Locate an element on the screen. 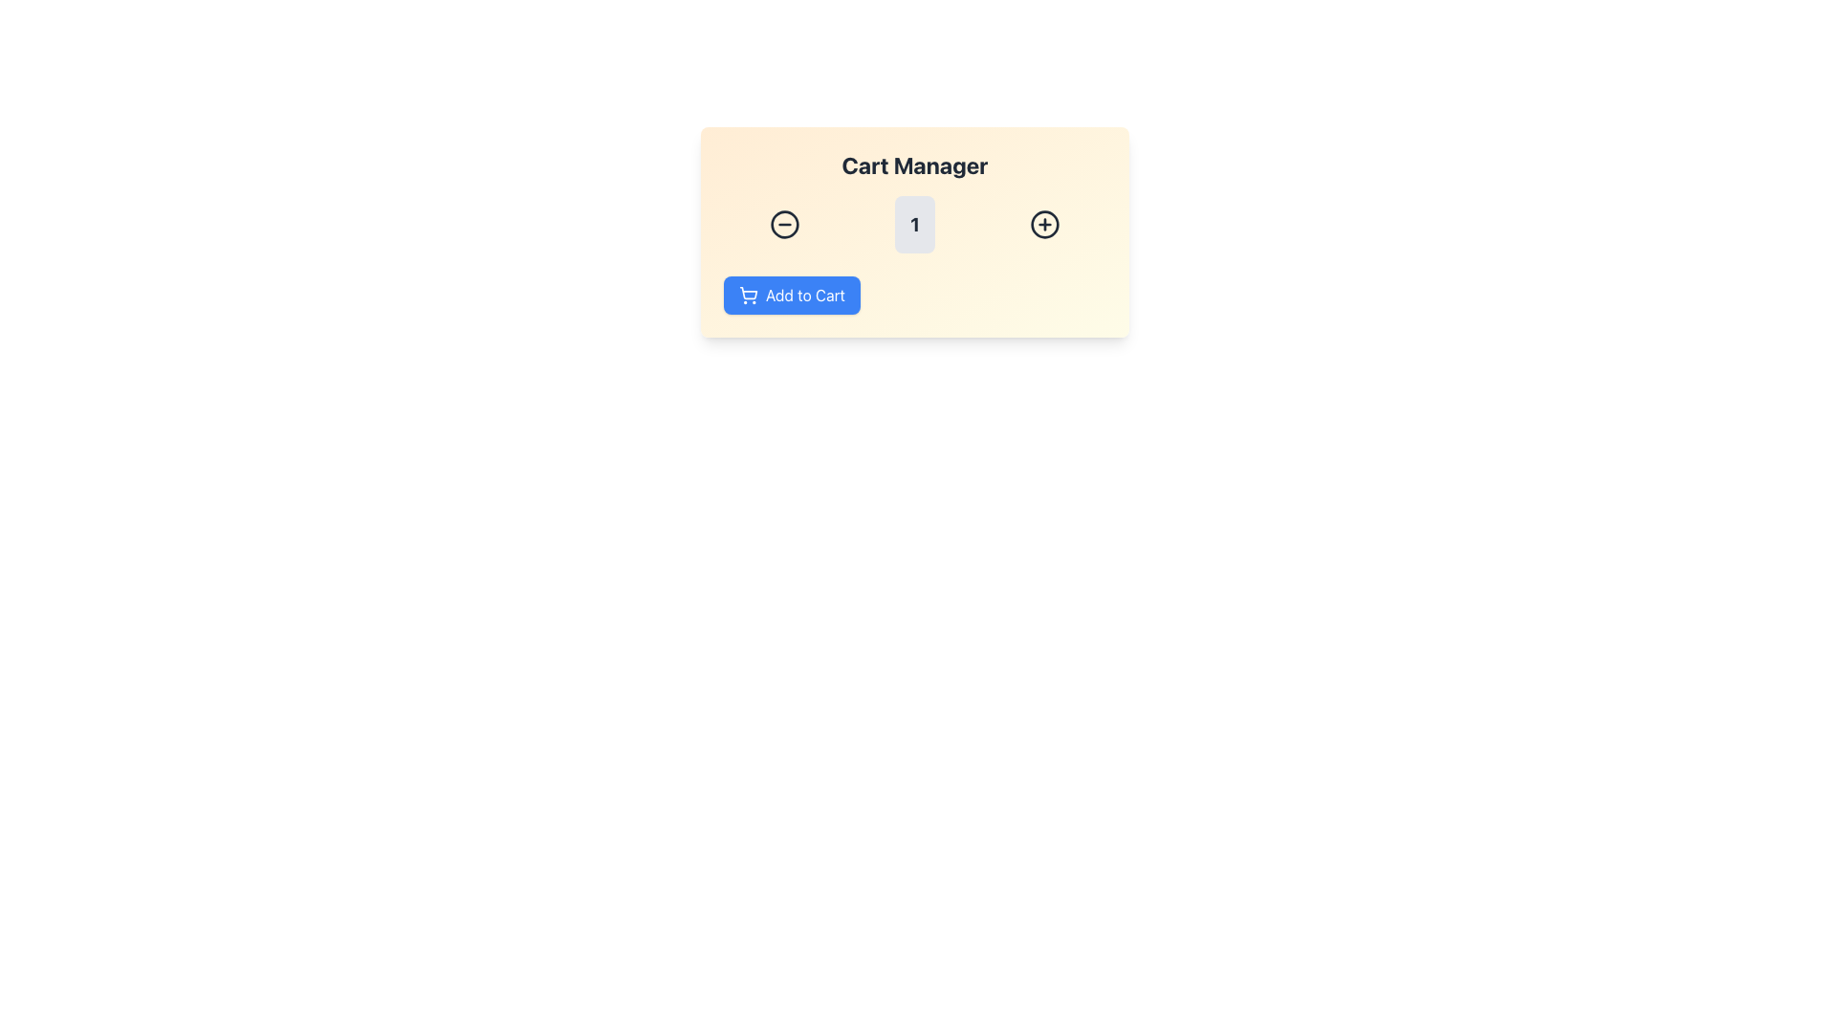 This screenshot has height=1033, width=1836. the circular minus button located in the 'Cart Manager' section to decrement the value is located at coordinates (784, 224).